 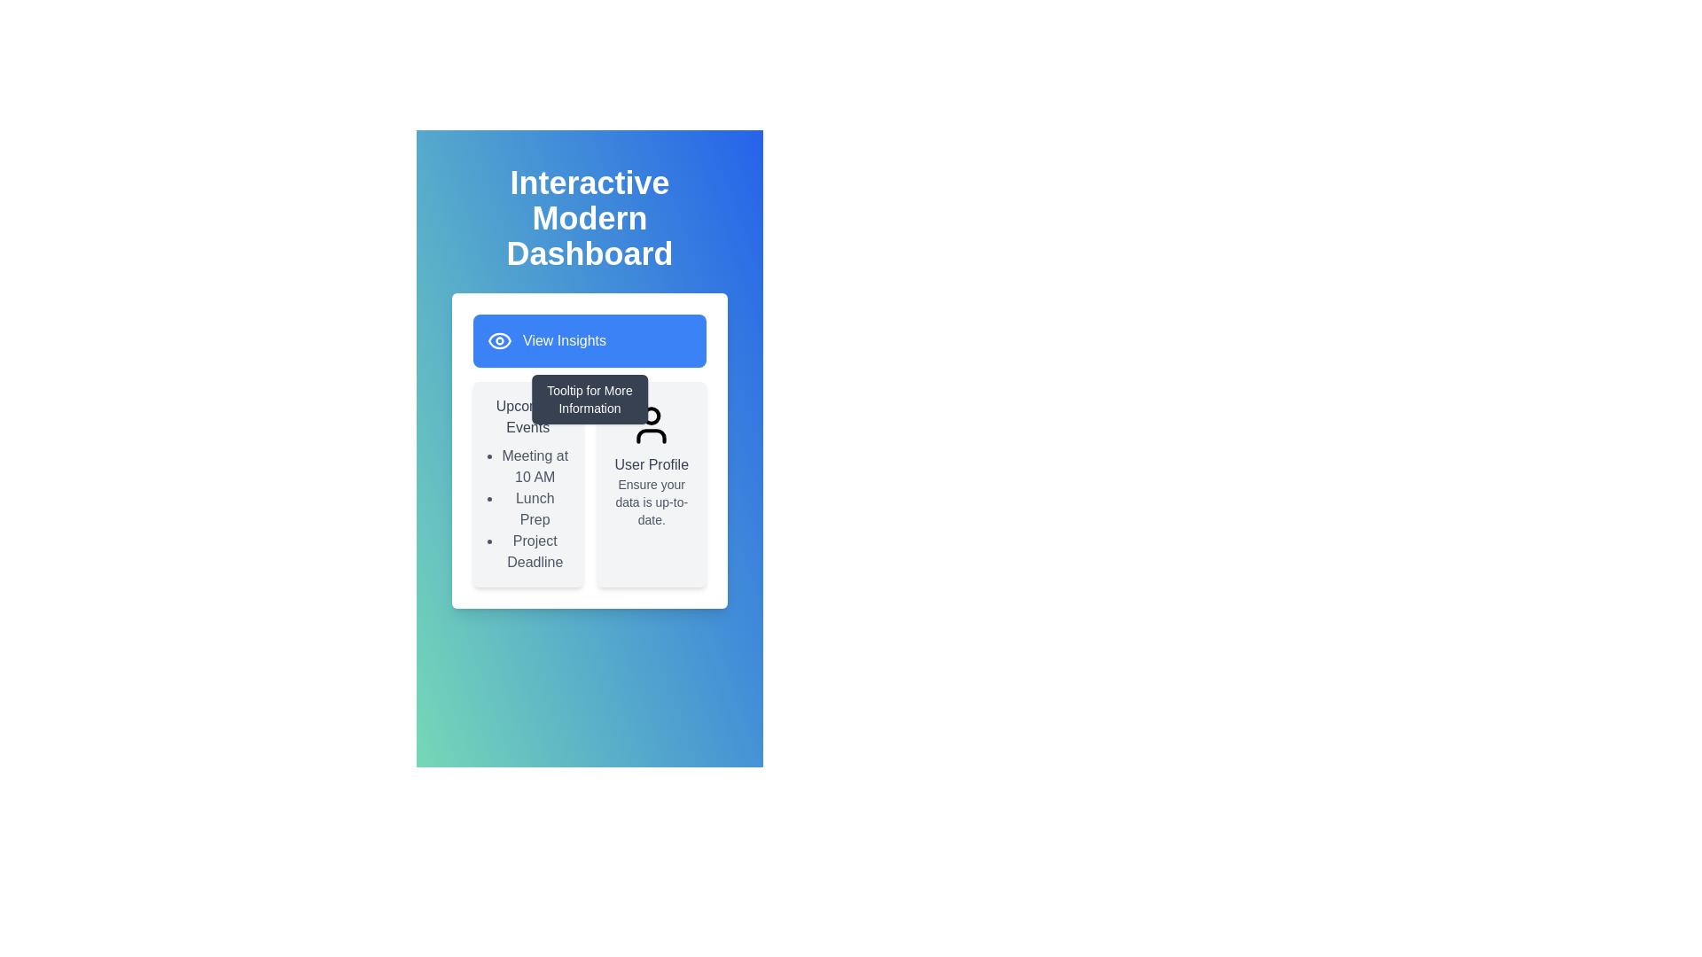 What do you see at coordinates (589, 217) in the screenshot?
I see `the centered heading text that states 'Interactive Modern Dashboard', which is displayed in white on a gradient background transitioning from green to blue` at bounding box center [589, 217].